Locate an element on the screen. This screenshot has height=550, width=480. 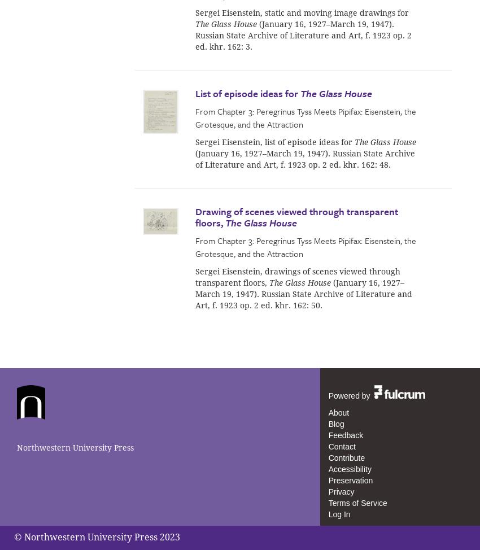
'List of episode ideas for' is located at coordinates (247, 93).